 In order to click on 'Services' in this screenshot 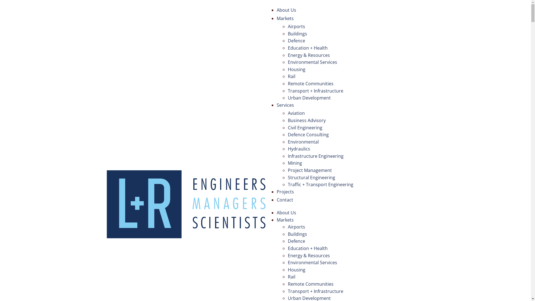, I will do `click(276, 106)`.